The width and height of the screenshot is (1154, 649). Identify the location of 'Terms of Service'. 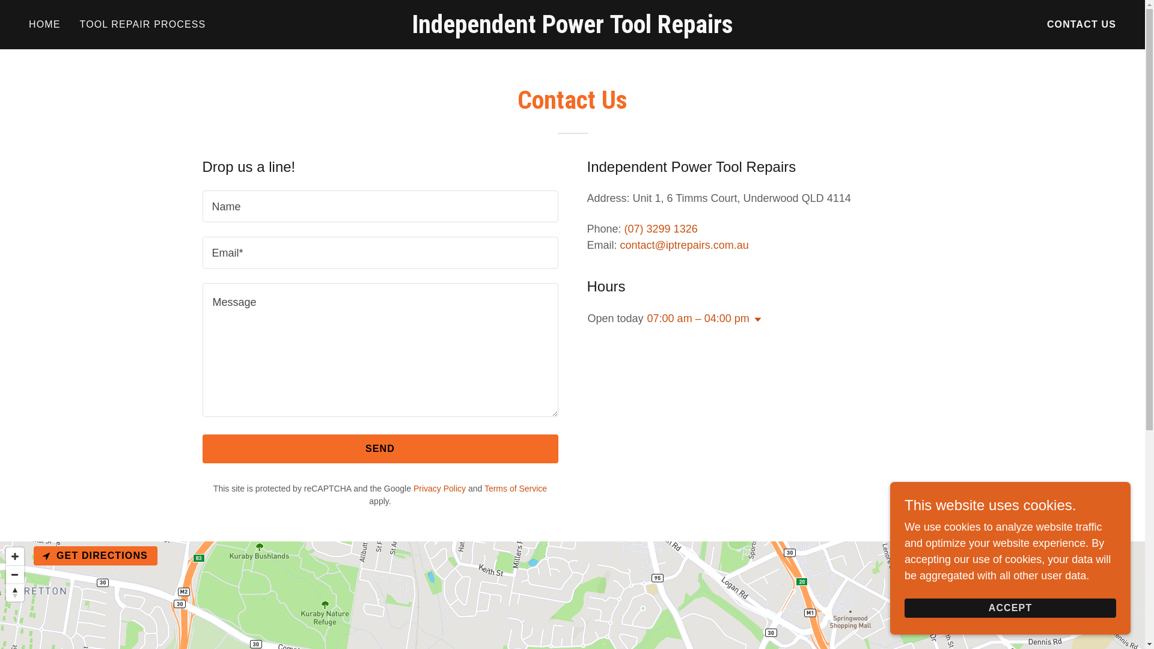
(516, 489).